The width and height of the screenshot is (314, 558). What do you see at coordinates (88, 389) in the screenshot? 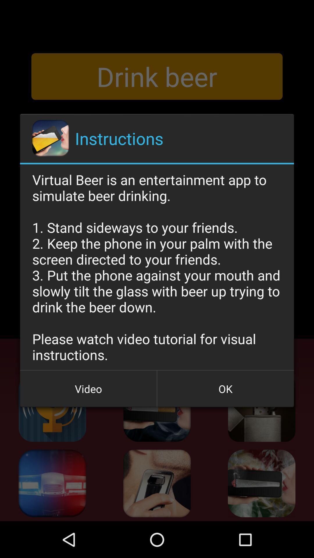
I see `app below virtual beer is app` at bounding box center [88, 389].